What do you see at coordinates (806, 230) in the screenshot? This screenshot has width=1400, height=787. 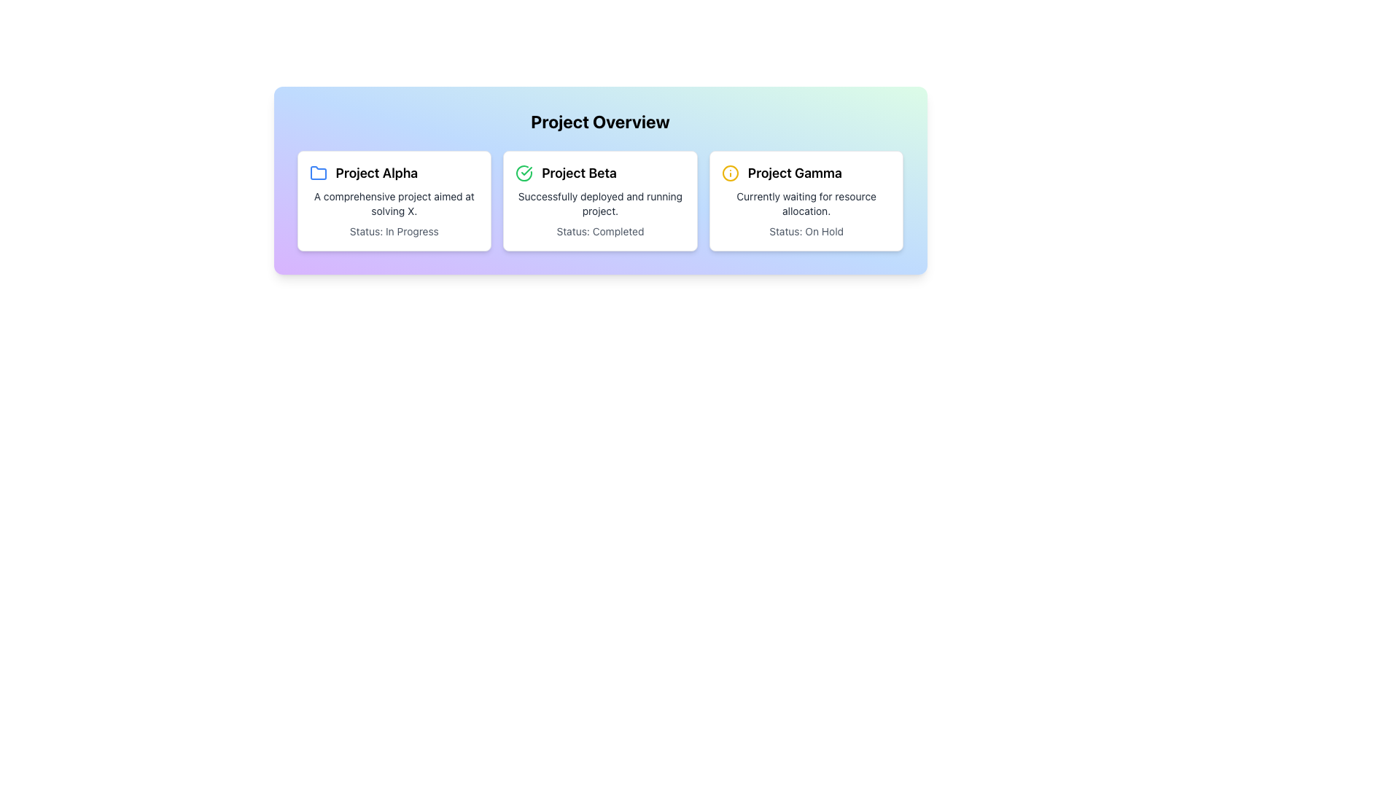 I see `the 'Status: On Hold' text label located at the bottom of the 'Project Gamma' card, which is styled with a small gray font and provides informational context` at bounding box center [806, 230].